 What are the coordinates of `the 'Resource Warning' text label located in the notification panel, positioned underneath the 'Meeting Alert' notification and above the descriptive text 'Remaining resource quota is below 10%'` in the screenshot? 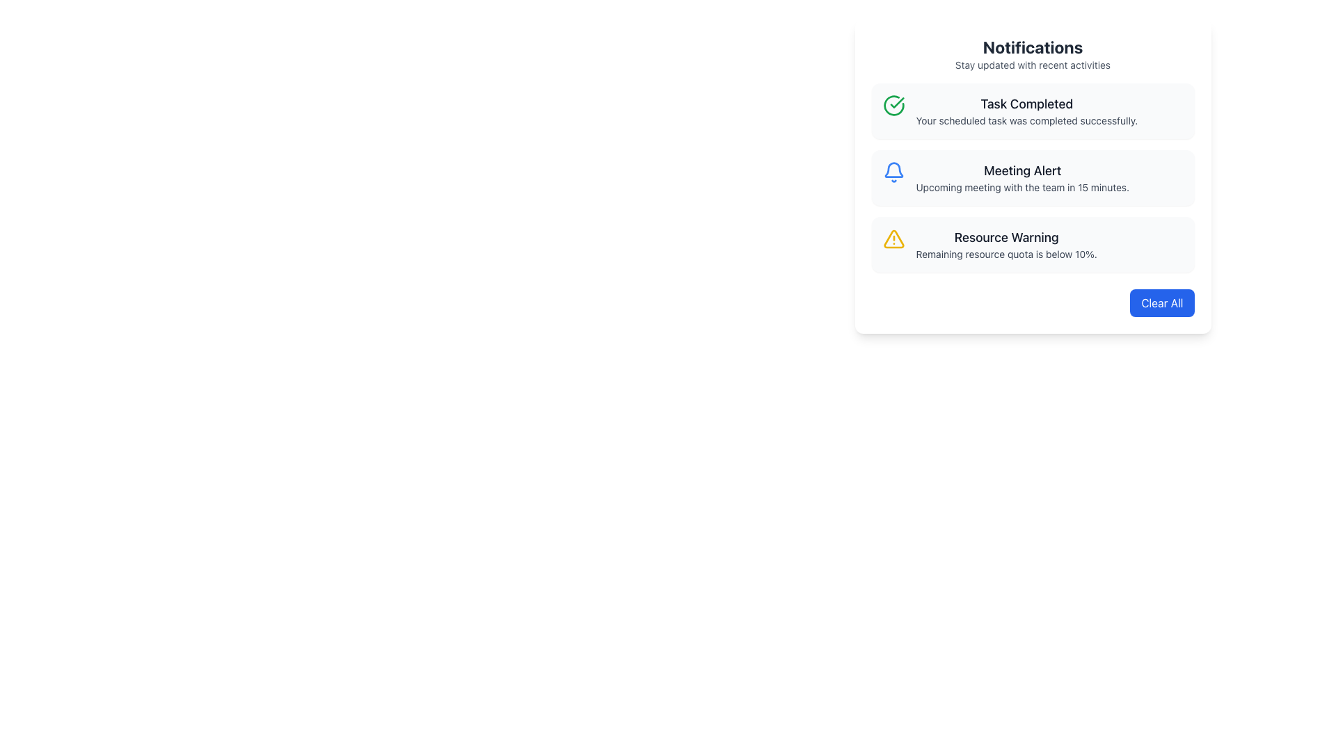 It's located at (1006, 237).